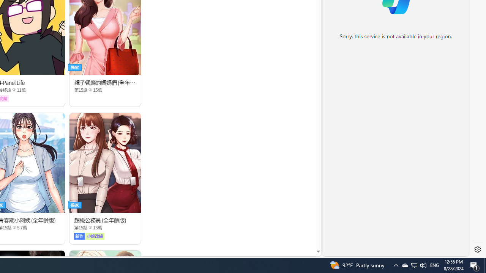  Describe the element at coordinates (105, 162) in the screenshot. I see `'Class: thumb_img'` at that location.